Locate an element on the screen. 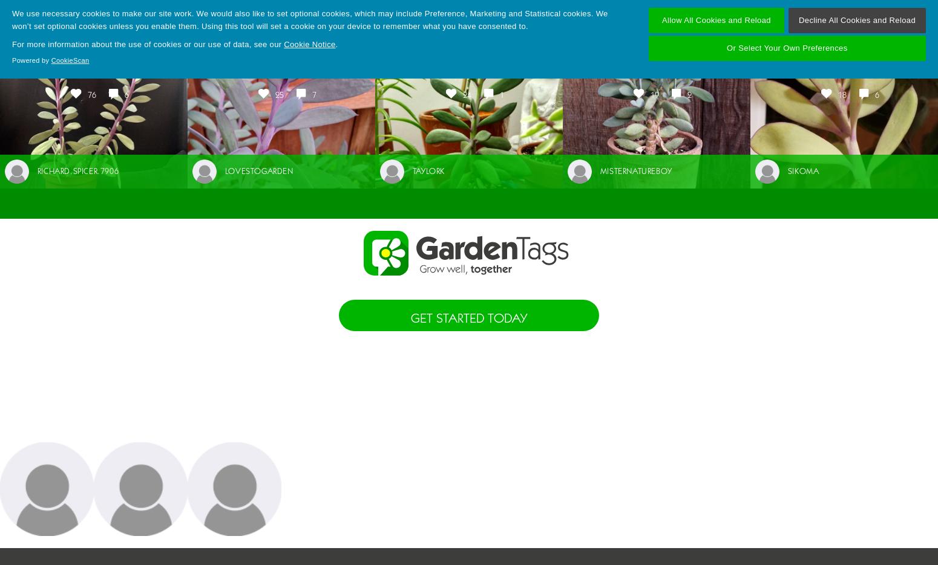  'misternatureboy' is located at coordinates (631, 169).